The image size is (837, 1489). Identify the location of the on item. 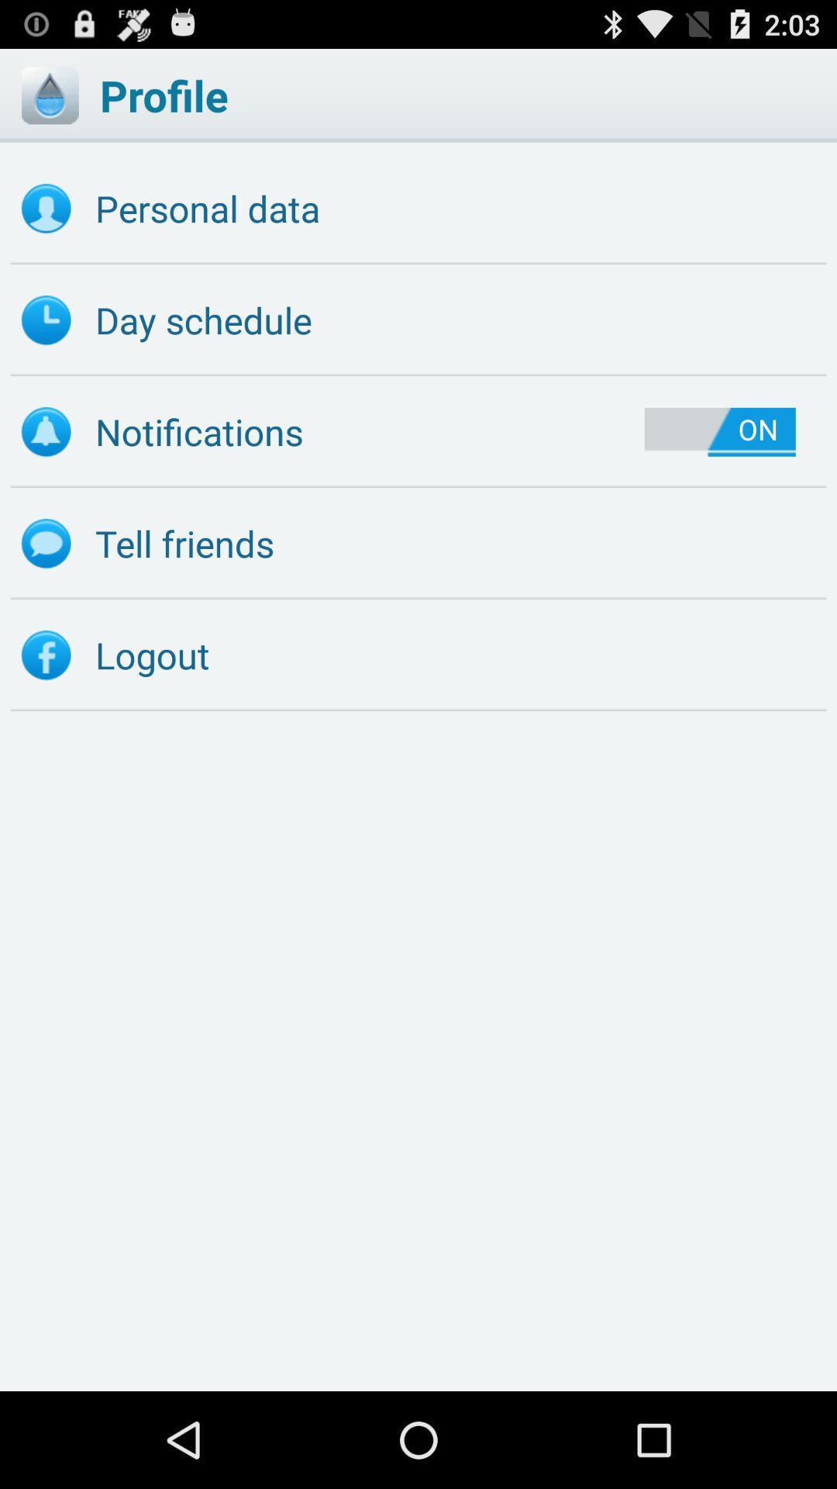
(720, 432).